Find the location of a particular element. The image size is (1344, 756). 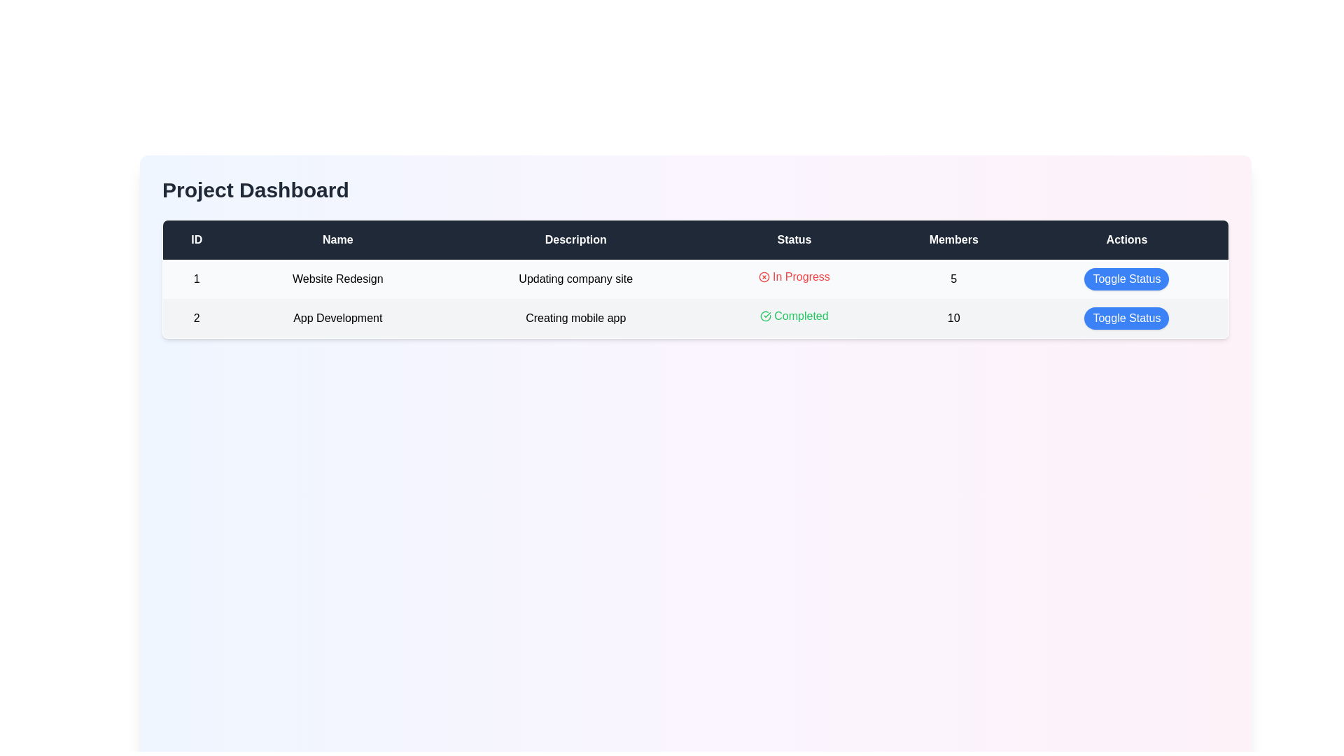

the green circular icon with a checkmark indicating 'Completed' status, located in the second row under the 'Status' column of the table is located at coordinates (765, 316).